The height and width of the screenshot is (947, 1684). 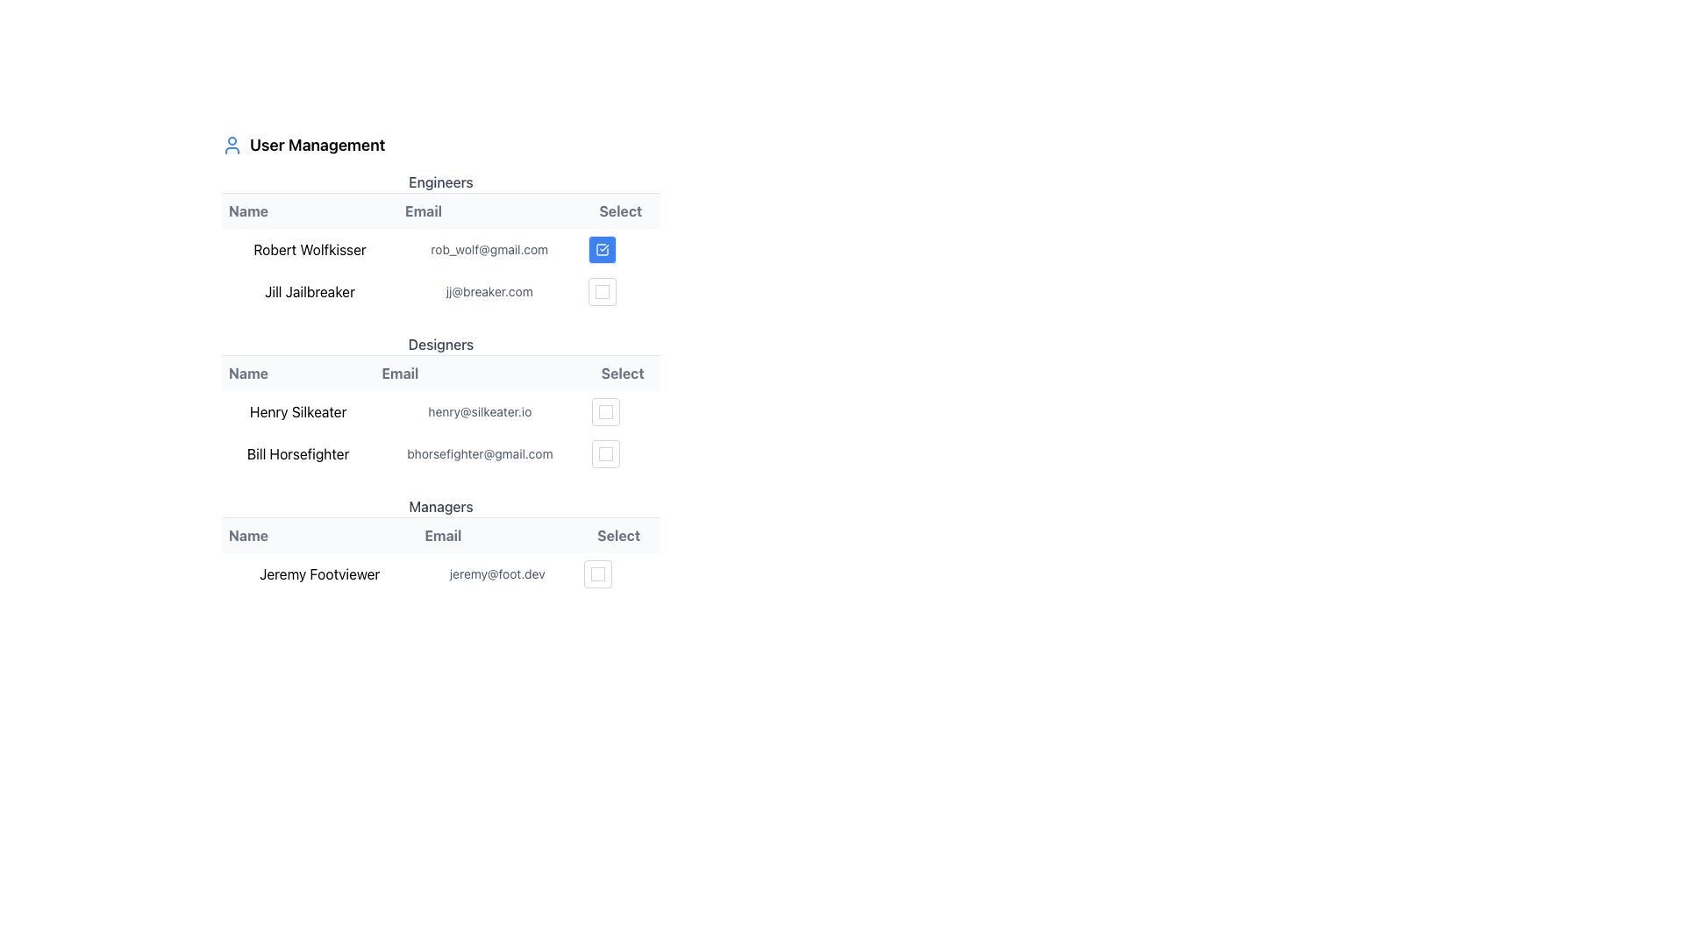 I want to click on the selection checkbox for Robert Wolfkisser in the Engineers section of the User Management page, so click(x=441, y=270).